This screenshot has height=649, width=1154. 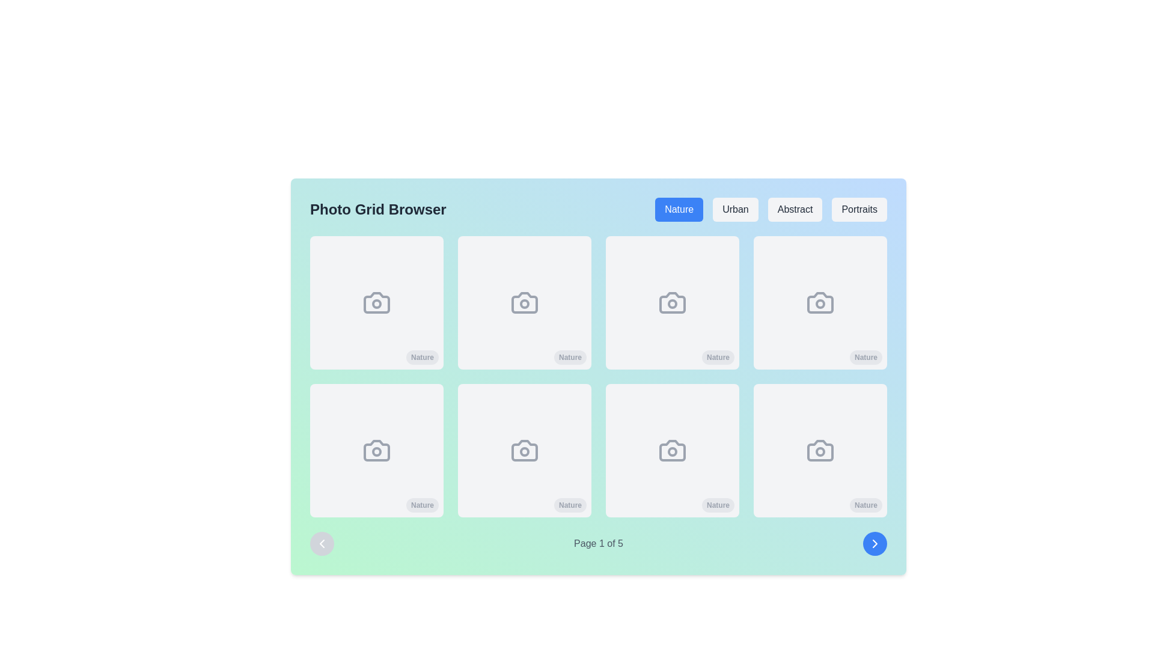 What do you see at coordinates (819, 303) in the screenshot?
I see `the decorative SVG Circle that represents a camera lens, which is located inside the camera icon, the fourth item in the first row of the photo selection interface` at bounding box center [819, 303].